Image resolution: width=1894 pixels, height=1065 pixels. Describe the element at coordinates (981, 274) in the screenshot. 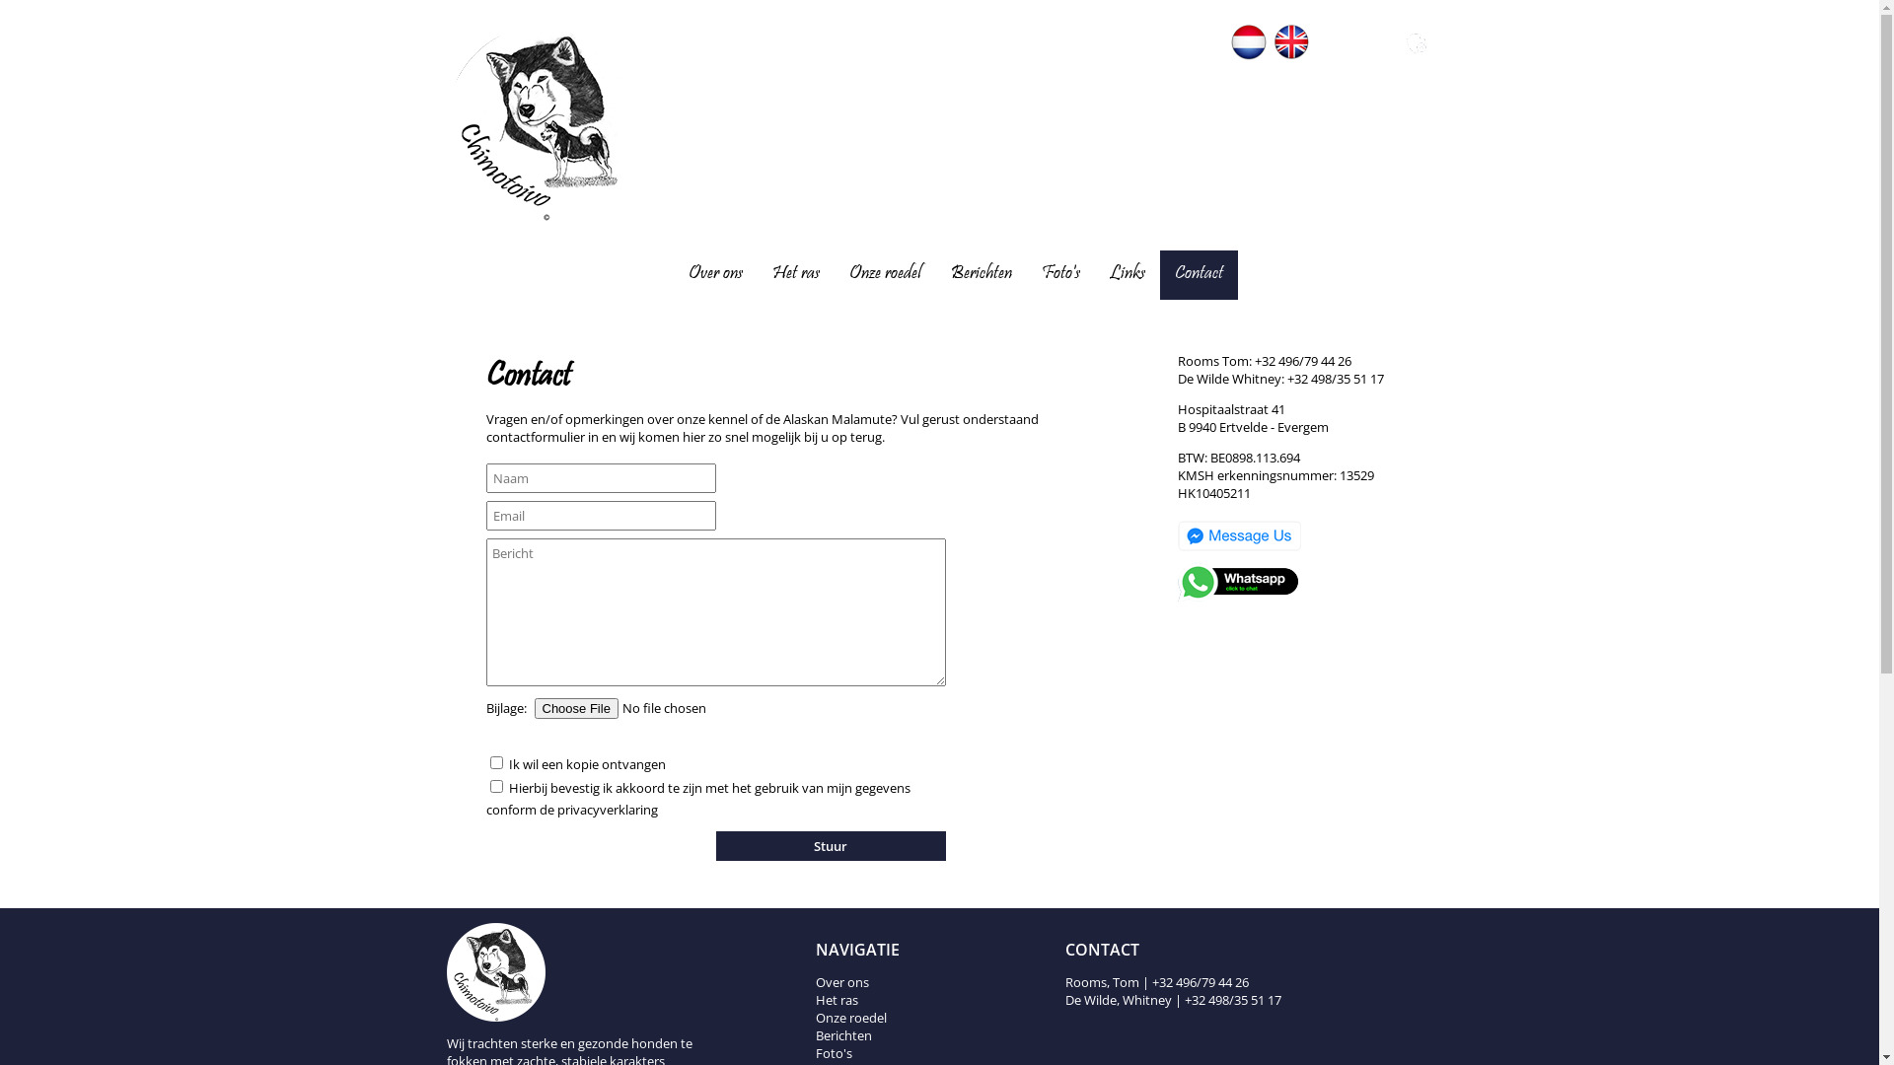

I see `'Berichten'` at that location.